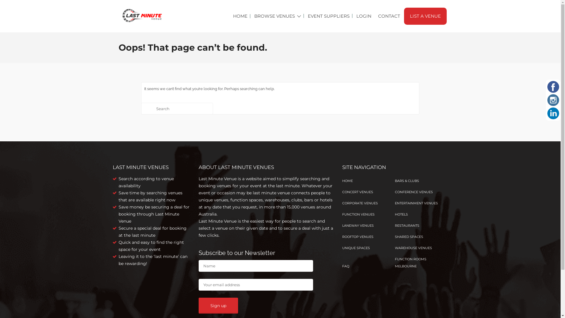  I want to click on 'CONCERT VENUES', so click(342, 192).